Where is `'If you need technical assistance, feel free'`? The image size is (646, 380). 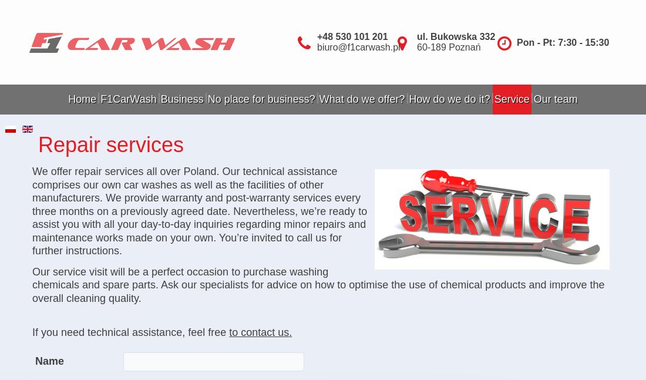
'If you need technical assistance, feel free' is located at coordinates (130, 332).